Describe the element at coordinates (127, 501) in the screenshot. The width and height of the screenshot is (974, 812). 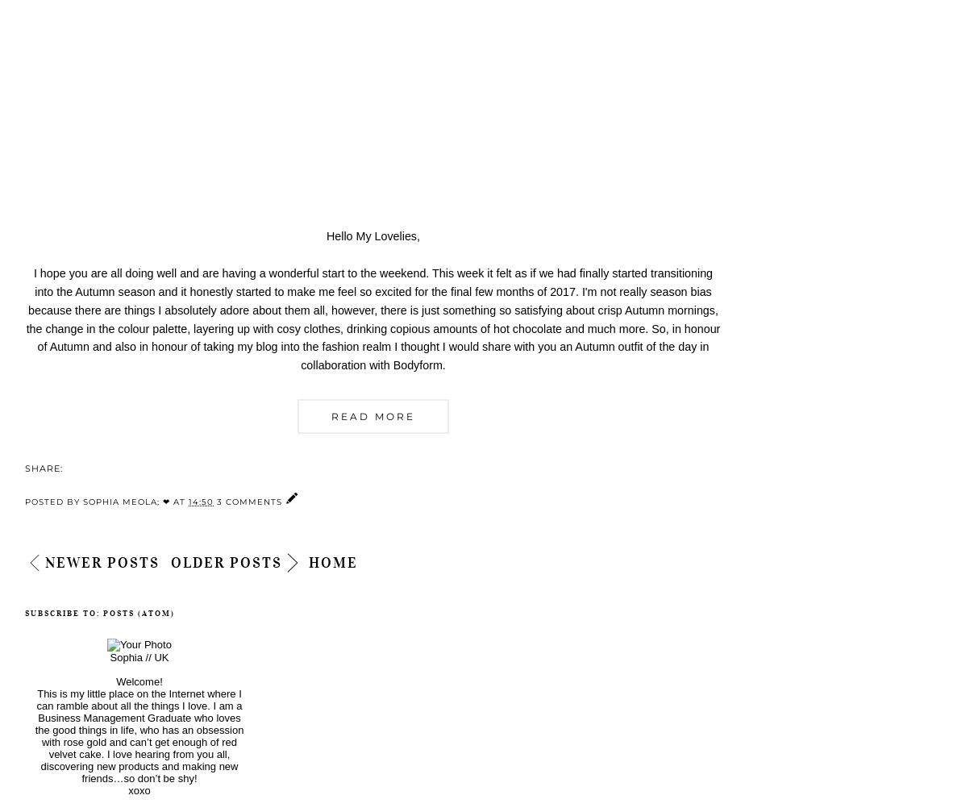
I see `'Sophia Meola; ❤'` at that location.